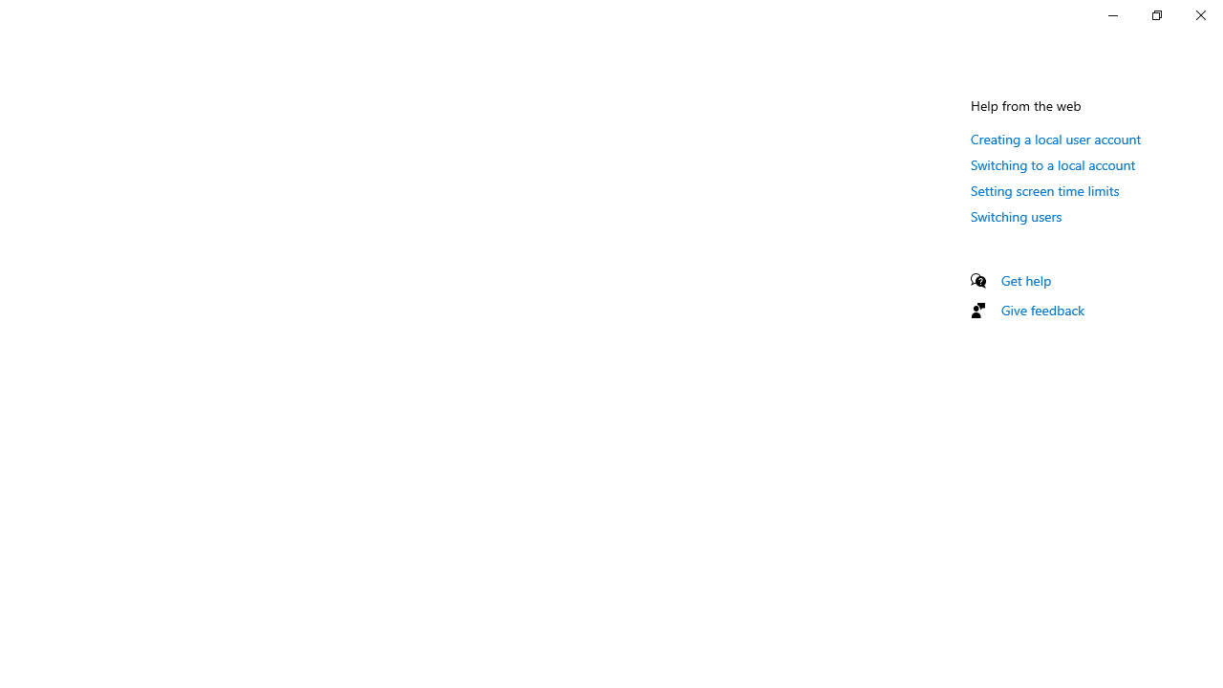 The height and width of the screenshot is (688, 1223). What do you see at coordinates (1199, 14) in the screenshot?
I see `'Close Settings'` at bounding box center [1199, 14].